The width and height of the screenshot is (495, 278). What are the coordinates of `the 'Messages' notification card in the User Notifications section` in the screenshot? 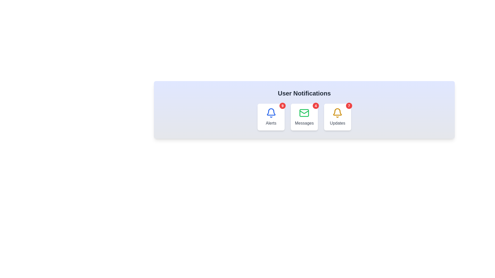 It's located at (304, 117).